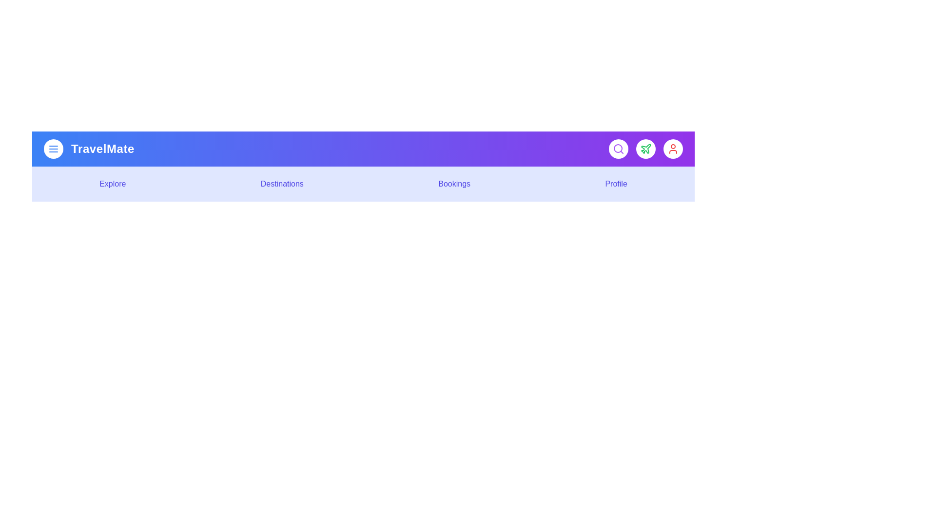  What do you see at coordinates (618, 149) in the screenshot?
I see `the search button to initiate a search` at bounding box center [618, 149].